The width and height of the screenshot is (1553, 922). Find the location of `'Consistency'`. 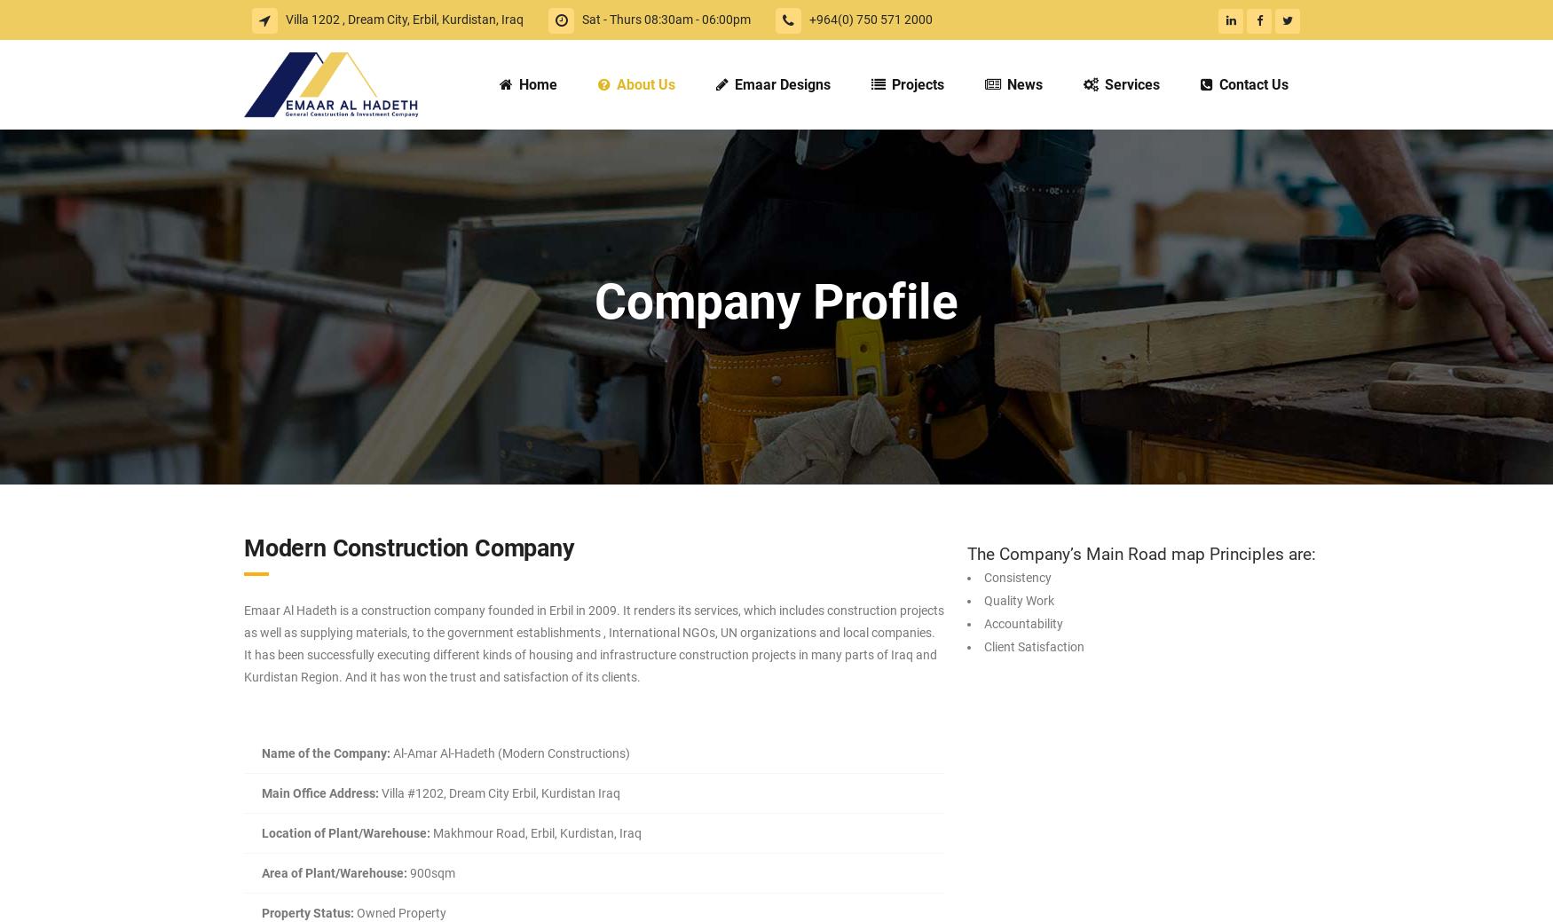

'Consistency' is located at coordinates (1016, 578).